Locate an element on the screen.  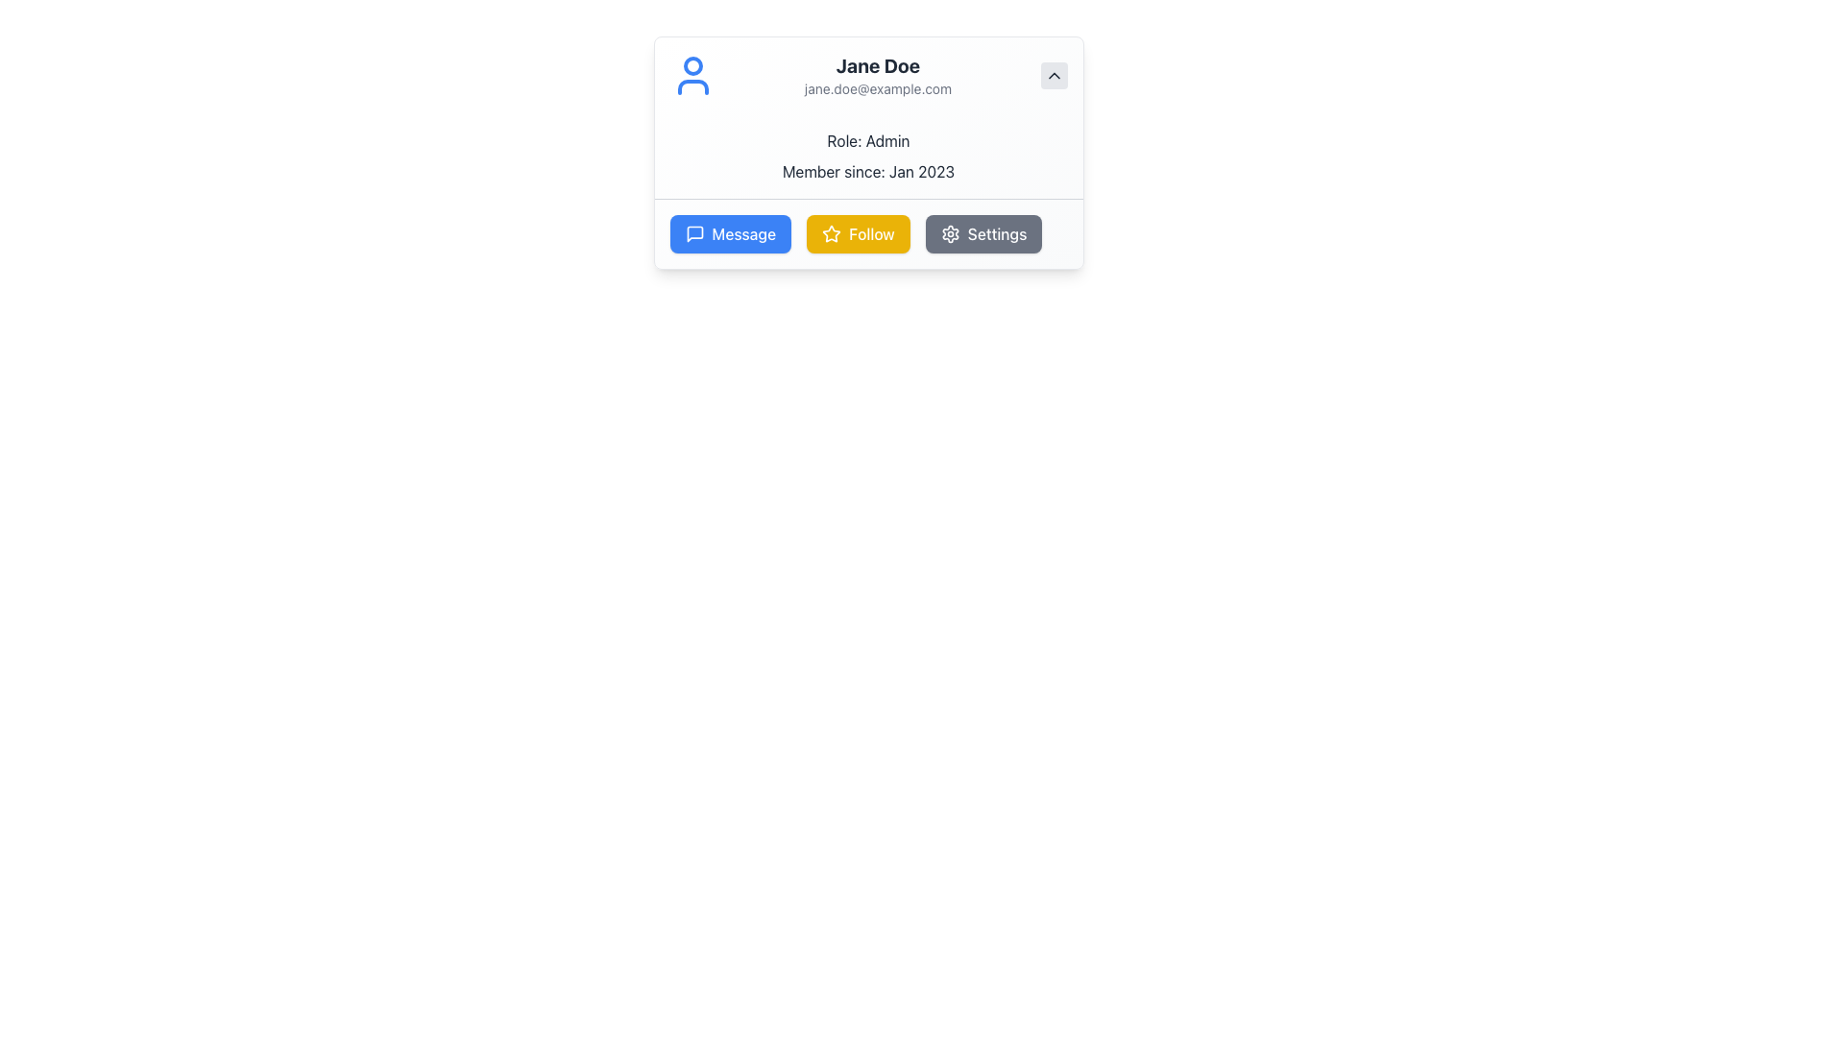
the star icon located in the upper central region of the profile card, which features a minimalistic design and is positioned above the buttons labeled 'Message,' 'Follow,' and 'Settings.' is located at coordinates (832, 232).